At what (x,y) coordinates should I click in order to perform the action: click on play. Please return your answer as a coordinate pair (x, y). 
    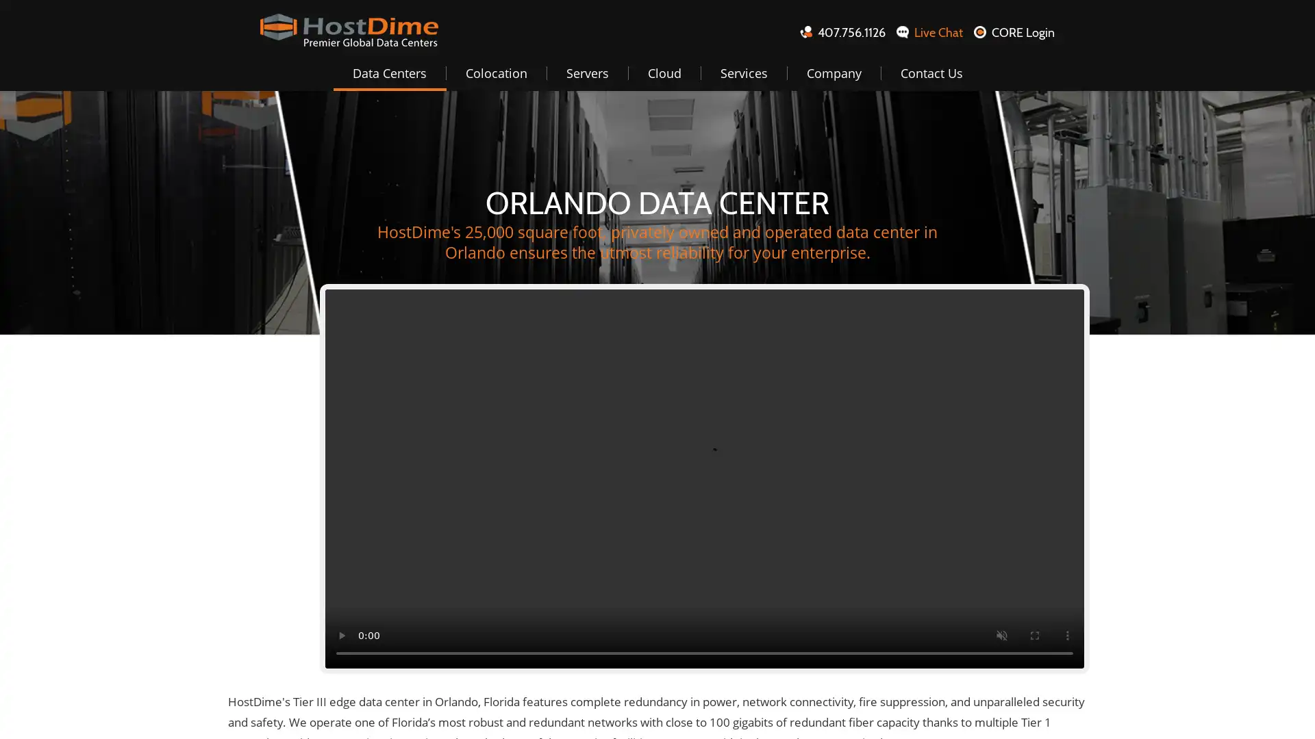
    Looking at the image, I should click on (342, 636).